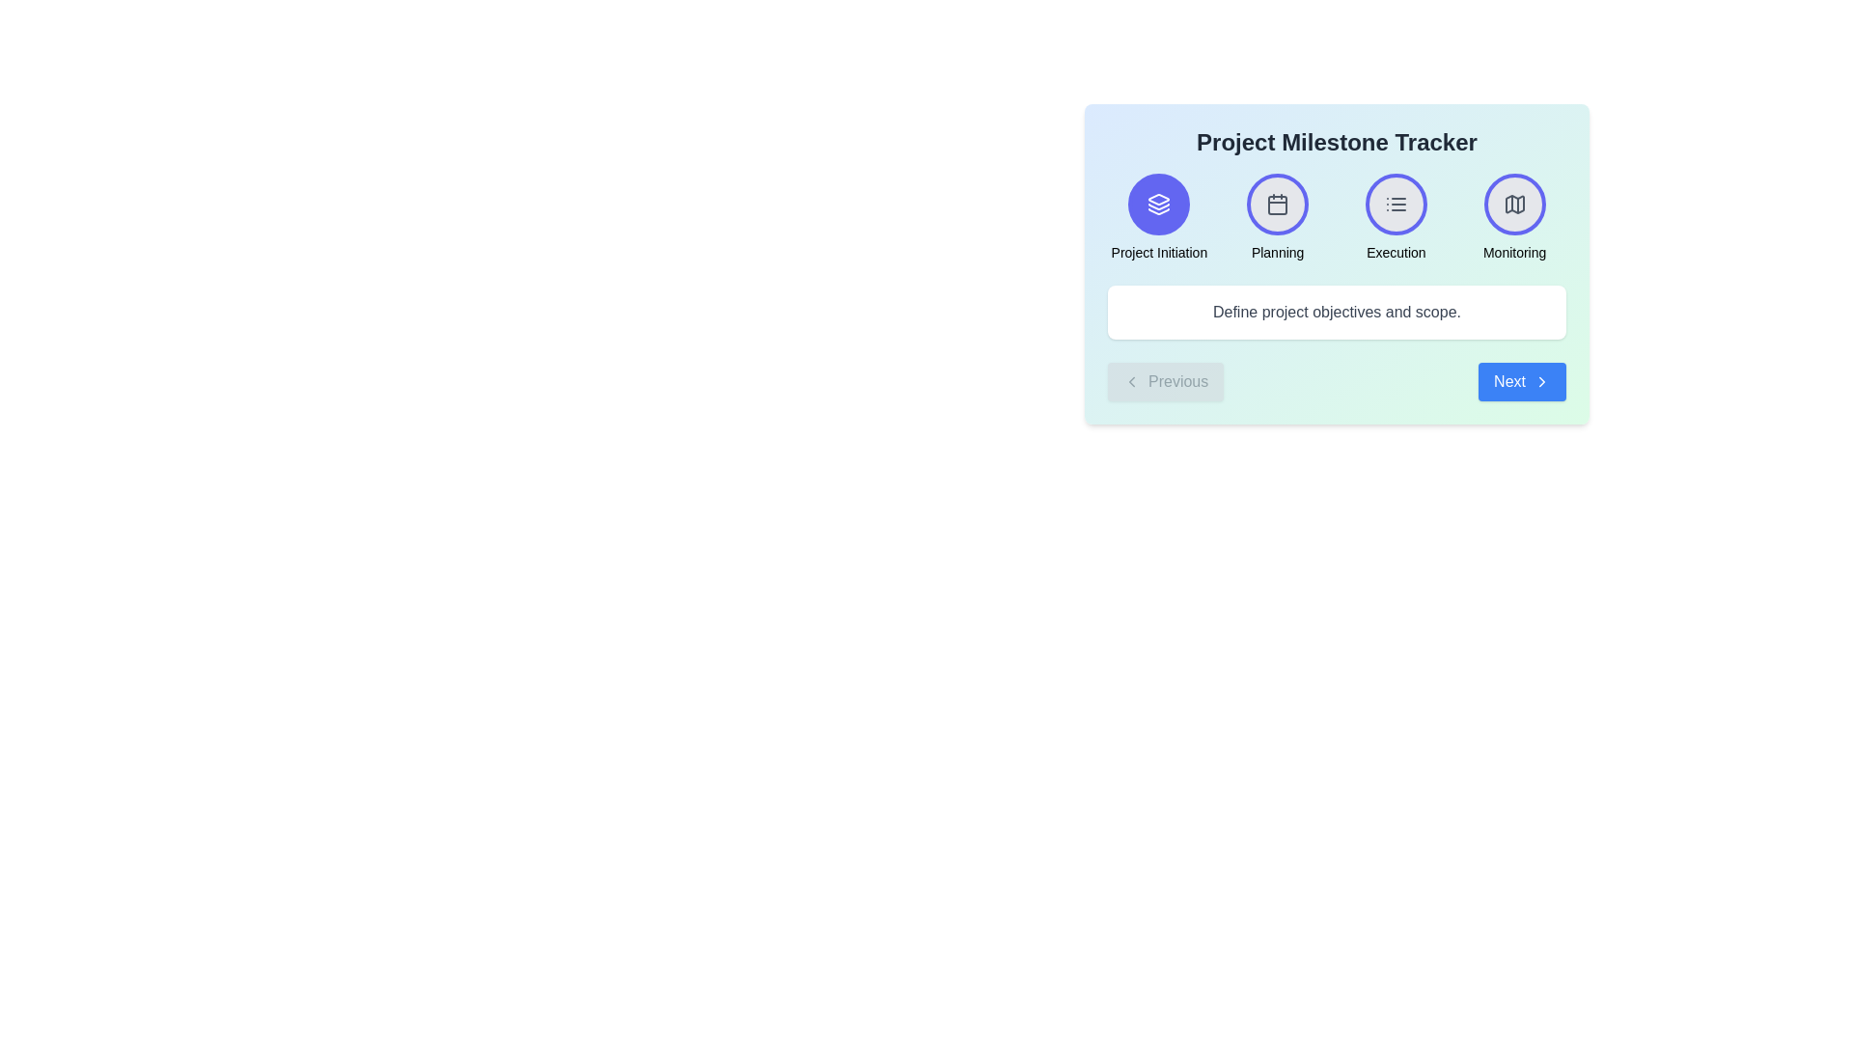 The width and height of the screenshot is (1853, 1042). I want to click on the icons in the Progress indicator with labeled milestones, so click(1336, 217).